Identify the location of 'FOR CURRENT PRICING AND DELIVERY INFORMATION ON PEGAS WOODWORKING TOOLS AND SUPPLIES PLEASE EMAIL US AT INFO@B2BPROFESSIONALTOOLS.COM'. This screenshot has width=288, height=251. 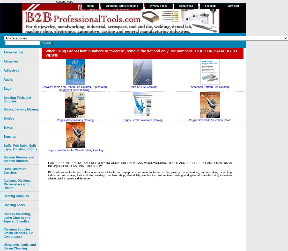
(140, 164).